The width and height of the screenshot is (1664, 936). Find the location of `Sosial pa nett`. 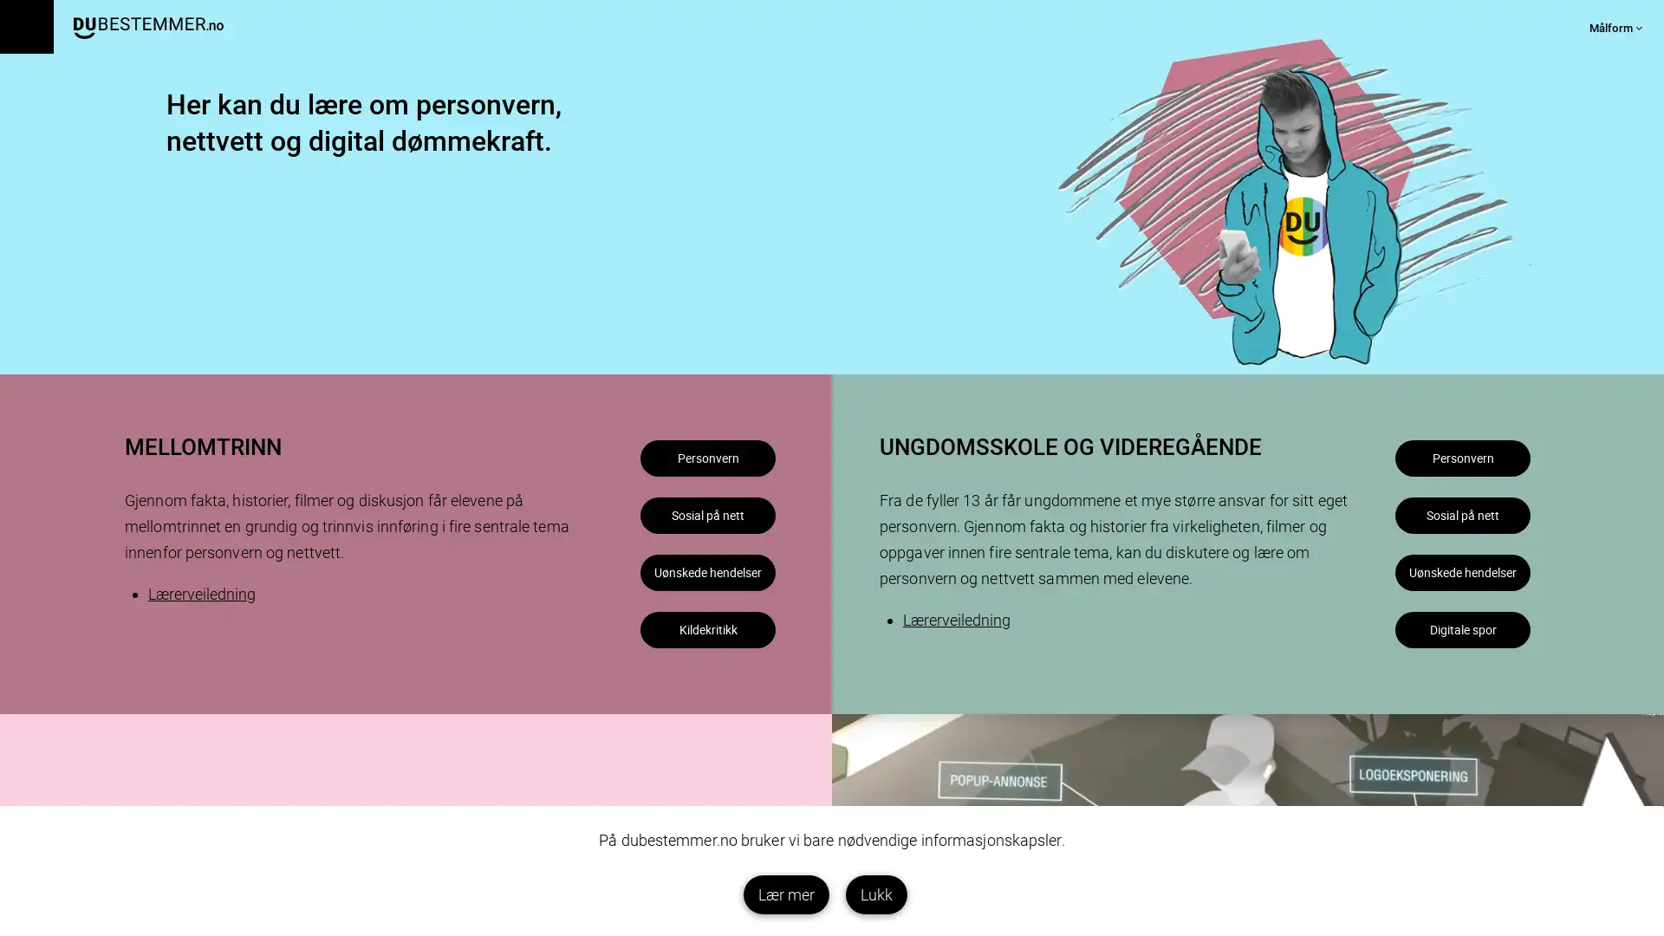

Sosial pa nett is located at coordinates (647, 561).